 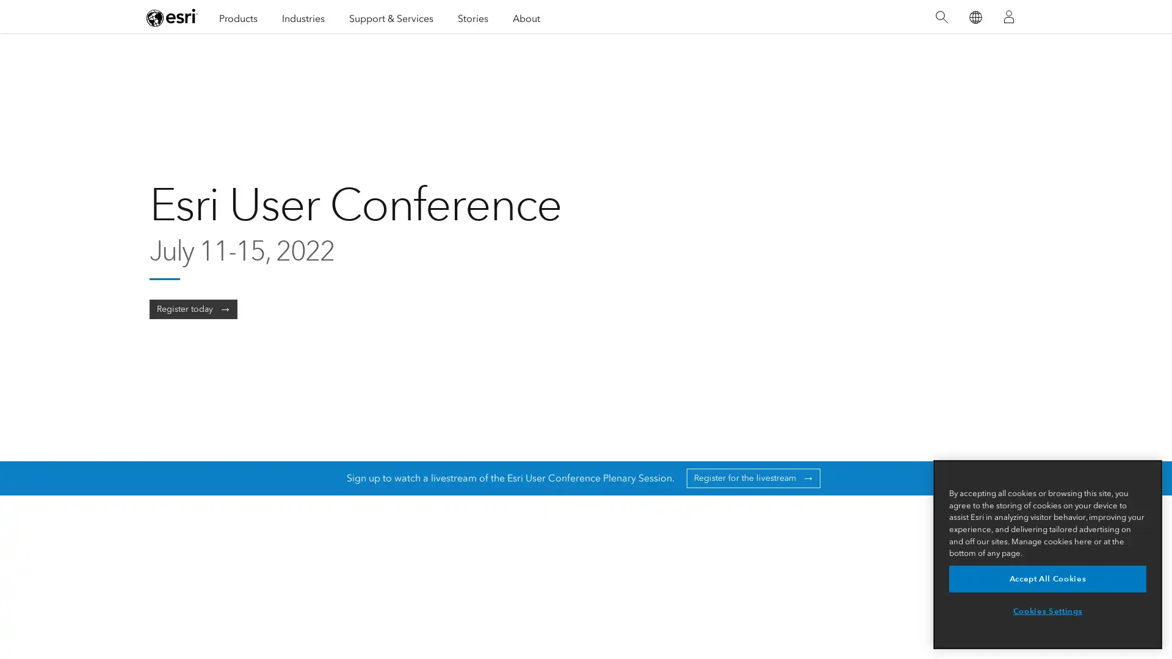 I want to click on Switch Language, so click(x=974, y=16).